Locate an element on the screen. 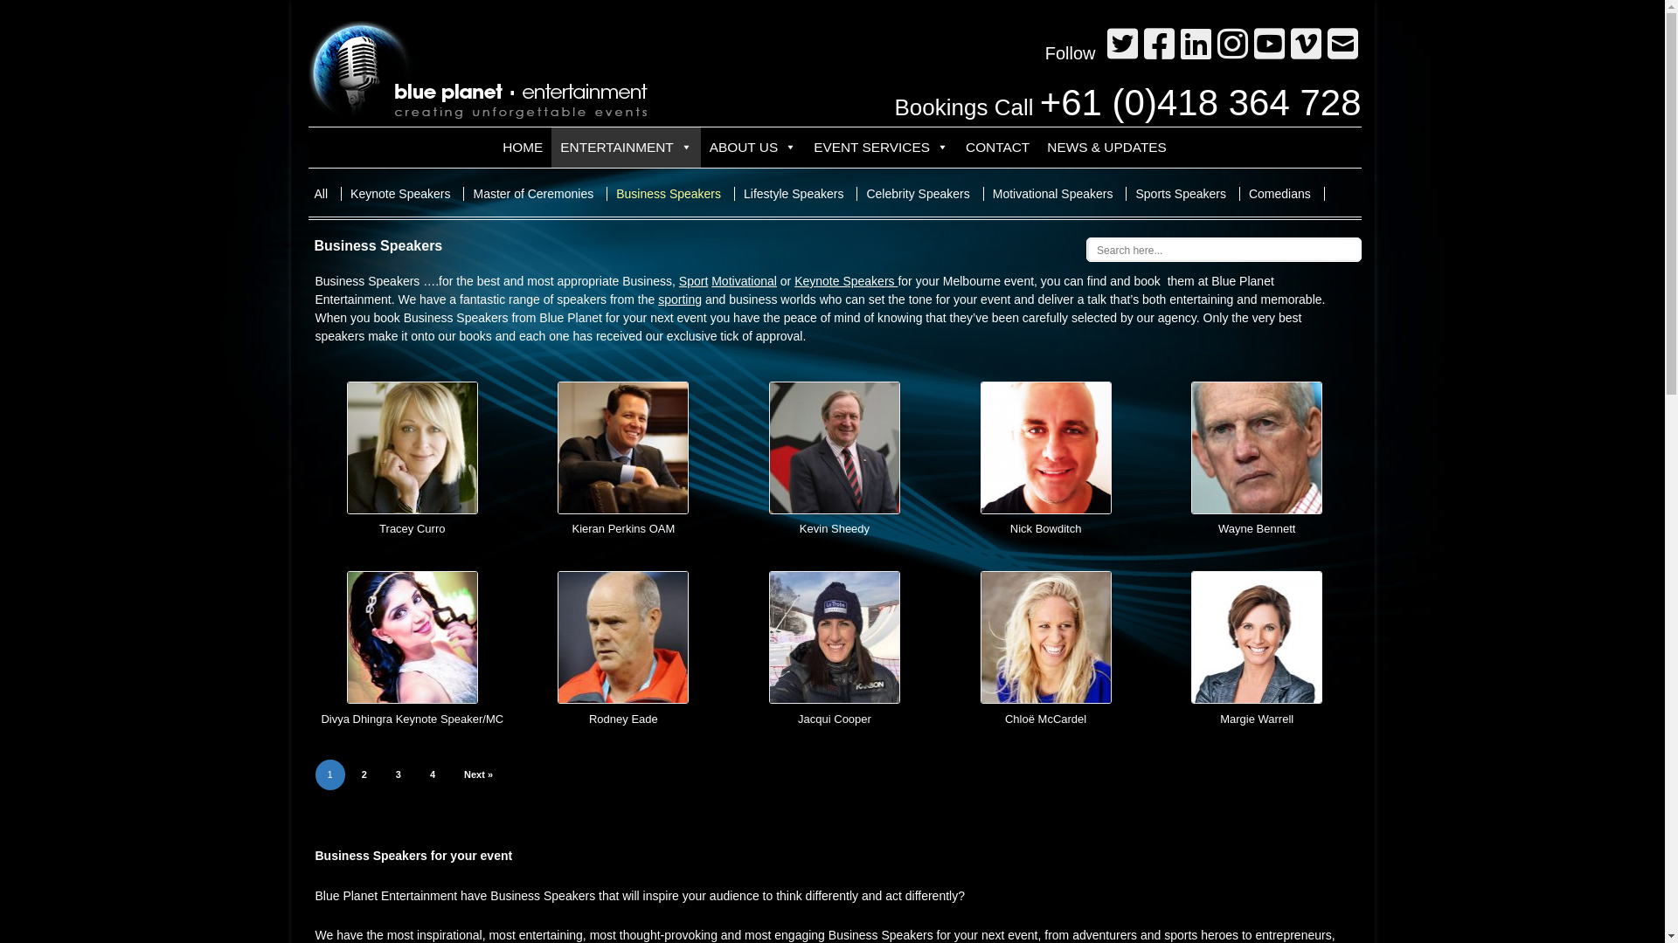 This screenshot has width=1678, height=943. 'Celebrity Speakers' is located at coordinates (923, 194).